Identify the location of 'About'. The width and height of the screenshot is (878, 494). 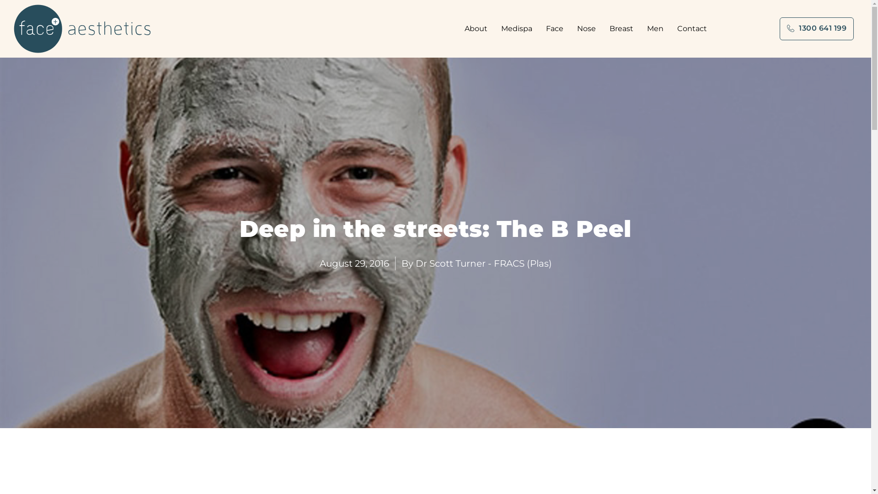
(465, 28).